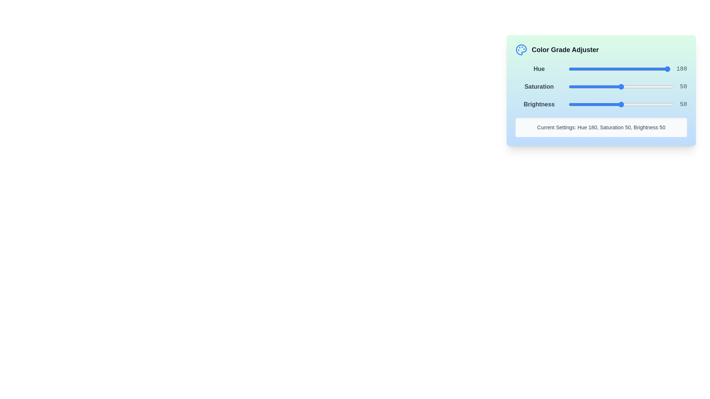 This screenshot has height=399, width=710. I want to click on the brightness slider to set the brightness to 29%, so click(599, 104).